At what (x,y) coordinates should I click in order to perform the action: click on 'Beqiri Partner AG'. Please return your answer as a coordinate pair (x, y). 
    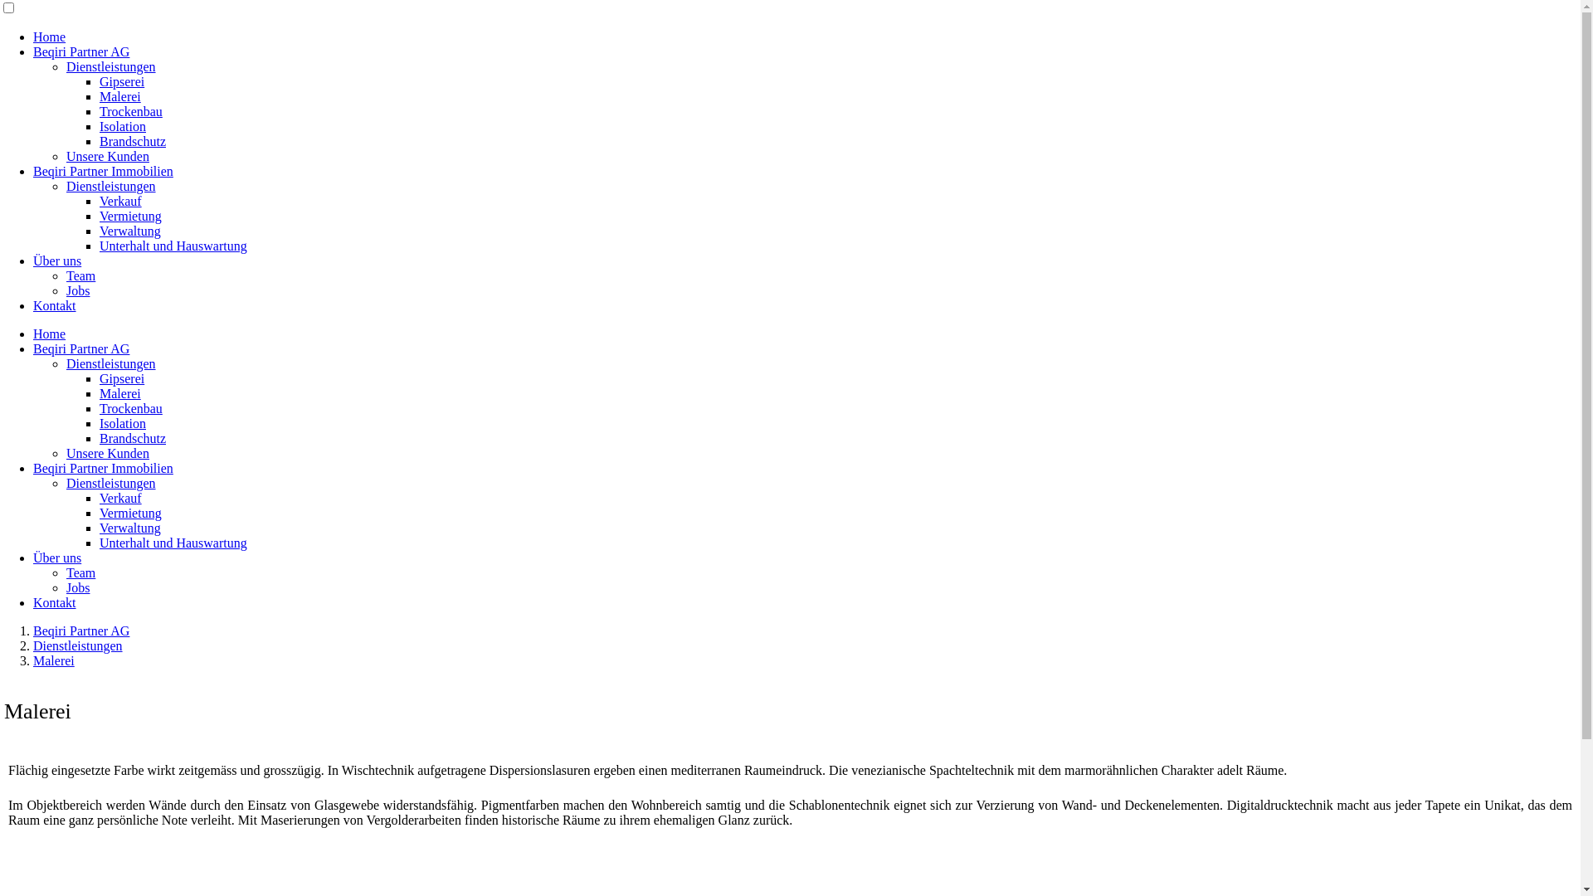
    Looking at the image, I should click on (80, 51).